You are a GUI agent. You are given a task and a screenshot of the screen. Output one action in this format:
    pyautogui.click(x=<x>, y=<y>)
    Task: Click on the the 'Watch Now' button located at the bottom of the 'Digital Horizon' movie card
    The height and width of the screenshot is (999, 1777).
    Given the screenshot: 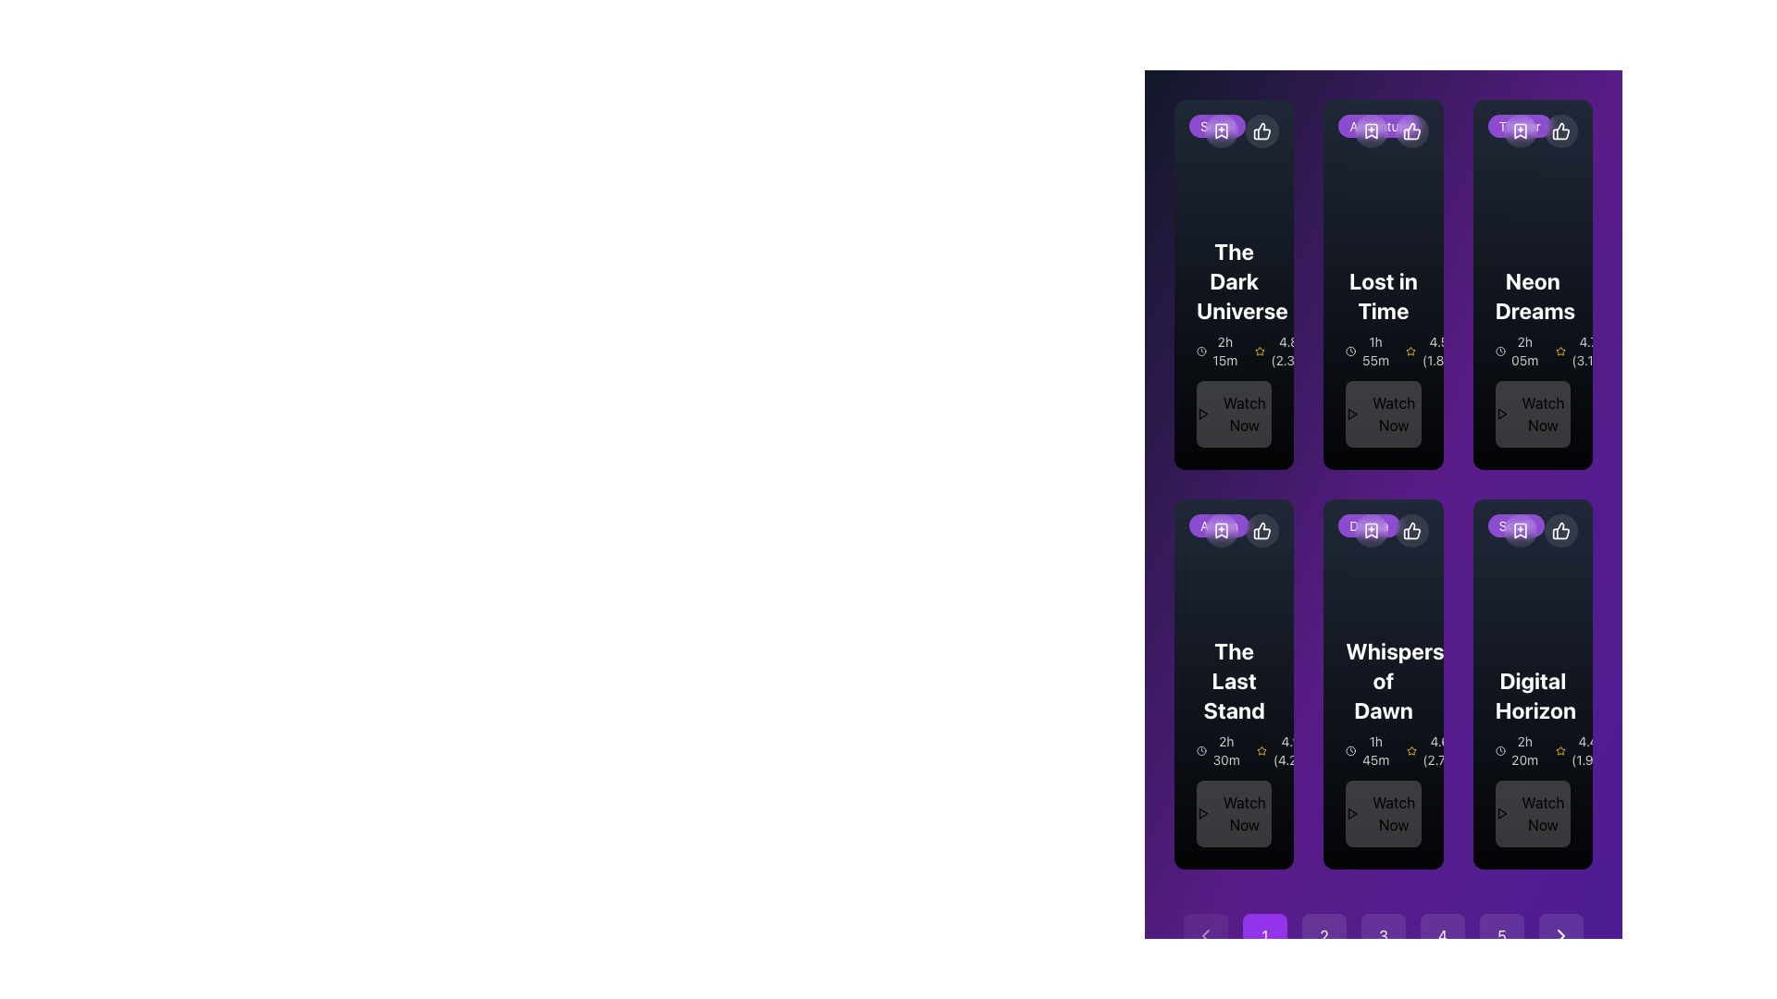 What is the action you would take?
    pyautogui.click(x=1543, y=812)
    